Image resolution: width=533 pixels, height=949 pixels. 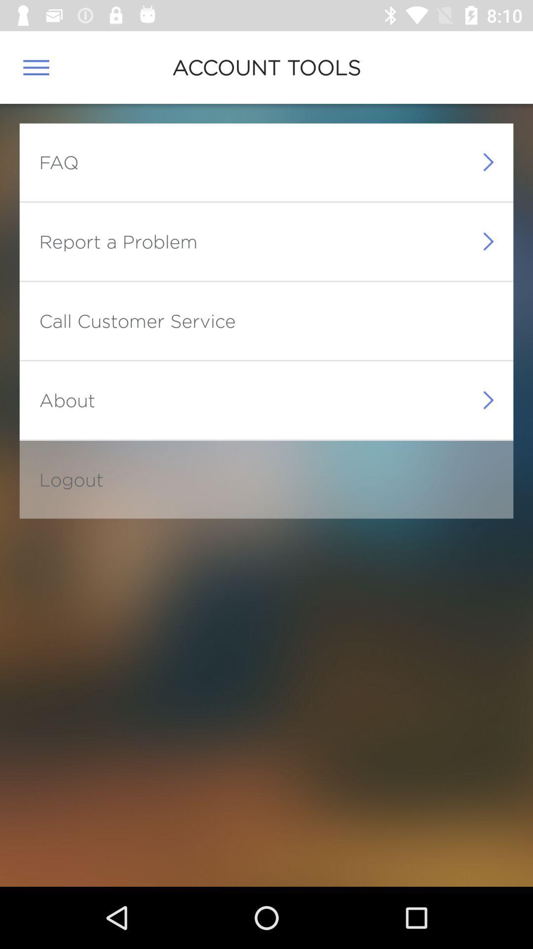 I want to click on item above the call customer service item, so click(x=117, y=241).